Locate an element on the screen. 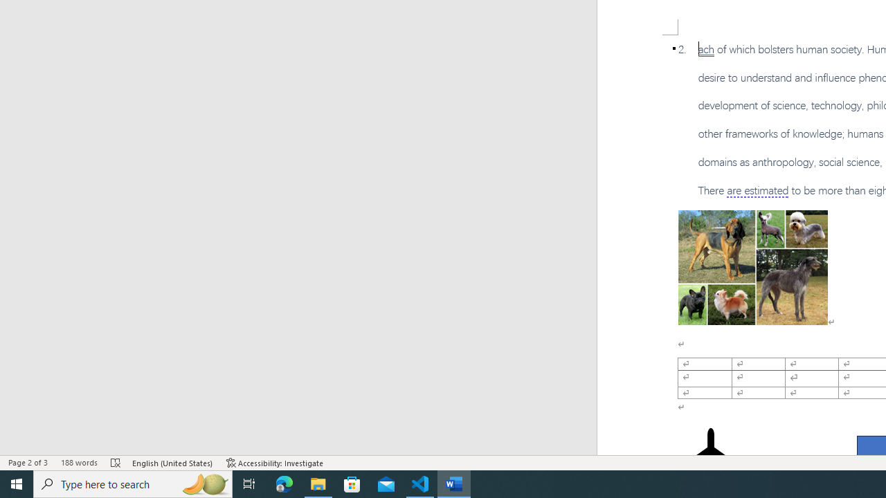 The image size is (886, 498). 'Language English (United States)' is located at coordinates (172, 463).